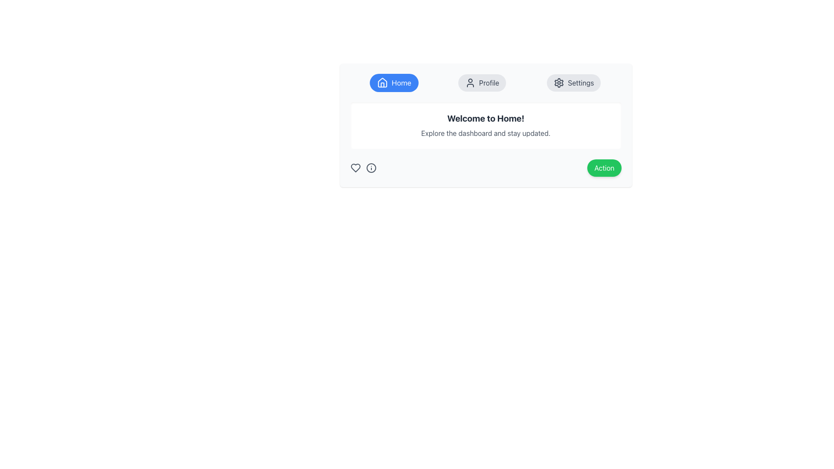 The width and height of the screenshot is (834, 469). Describe the element at coordinates (382, 85) in the screenshot. I see `the house icon in the SVG graphic to trigger potential hover effects` at that location.